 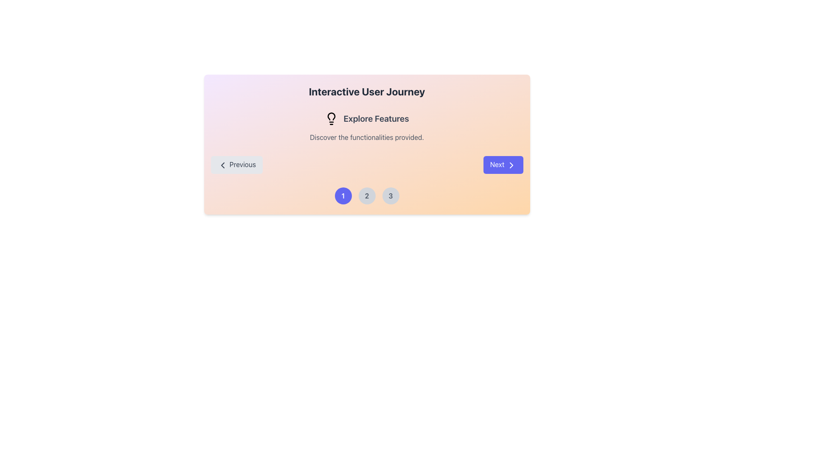 I want to click on the Chevron icon within the SVG that indicates forward navigation functionality, so click(x=511, y=165).